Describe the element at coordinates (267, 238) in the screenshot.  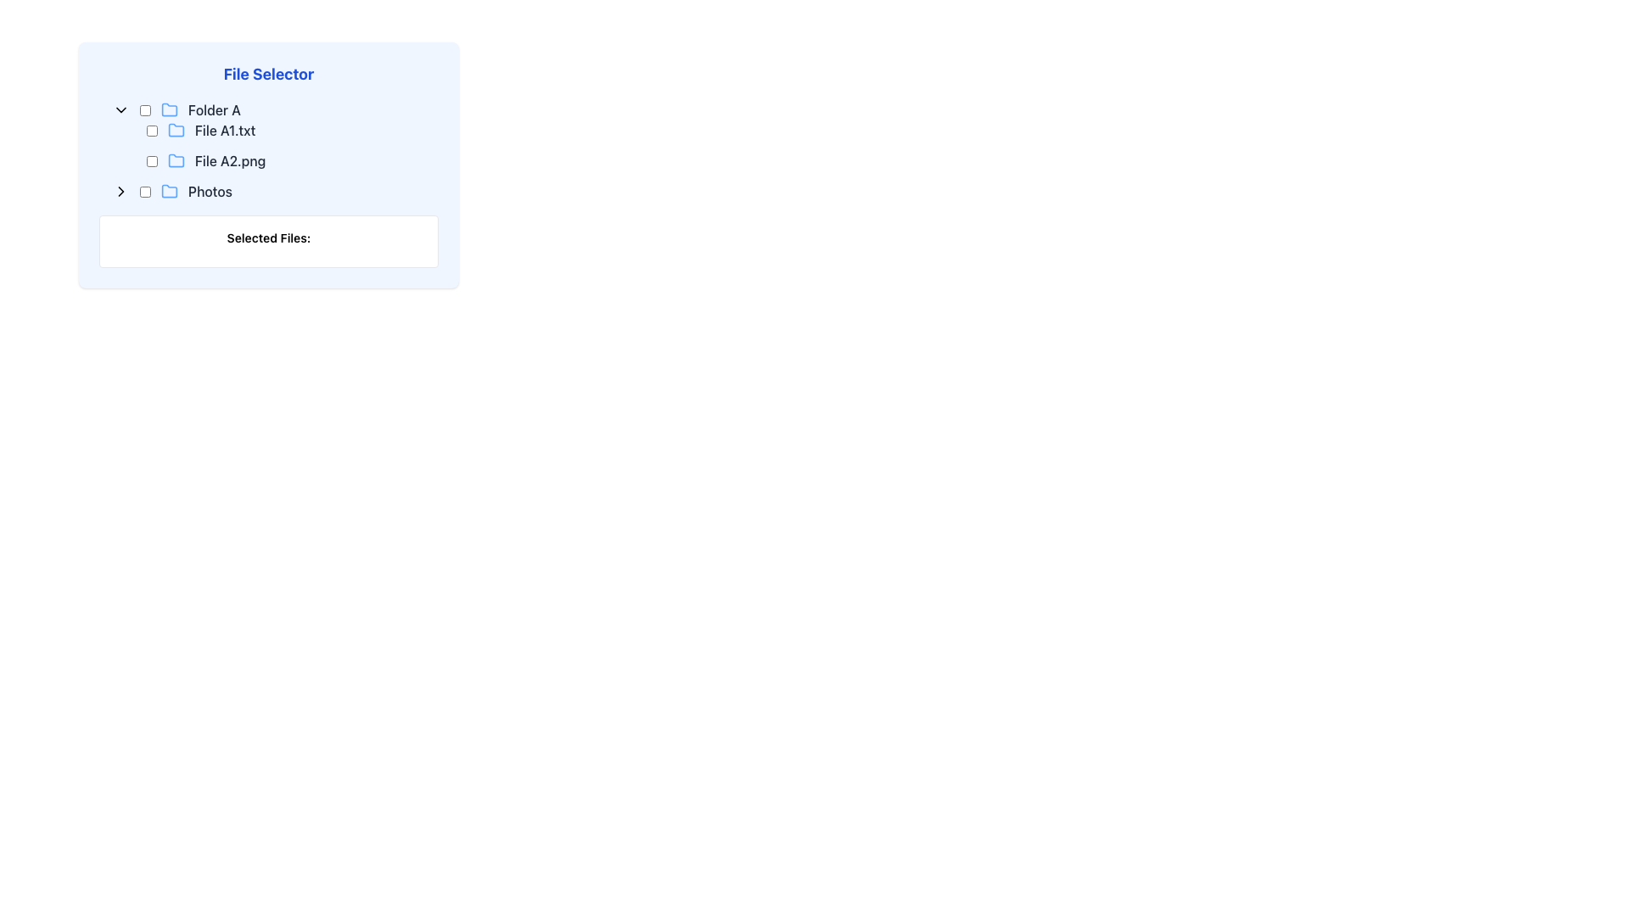
I see `the Text Label that indicates the section for selected files in the 'File Selector' interface, located in a bordered section at the bottom of the interface` at that location.